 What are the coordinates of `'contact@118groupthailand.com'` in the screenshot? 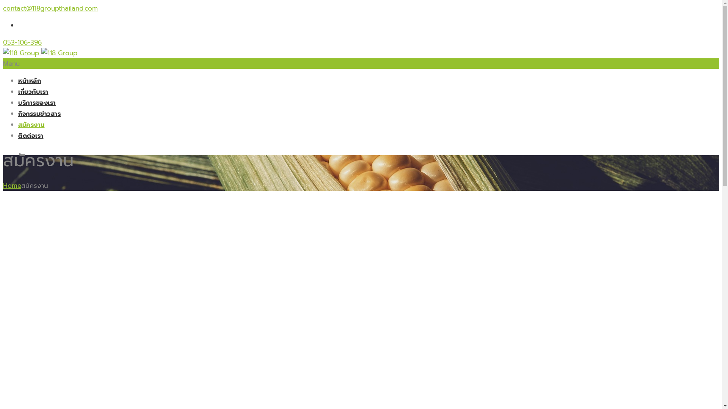 It's located at (50, 8).